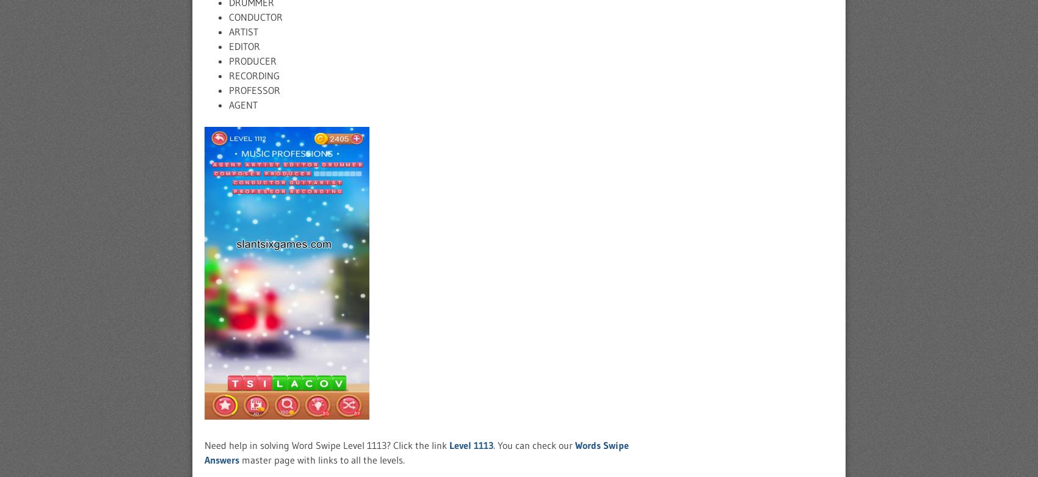 The image size is (1038, 477). I want to click on '. You can check our', so click(534, 444).